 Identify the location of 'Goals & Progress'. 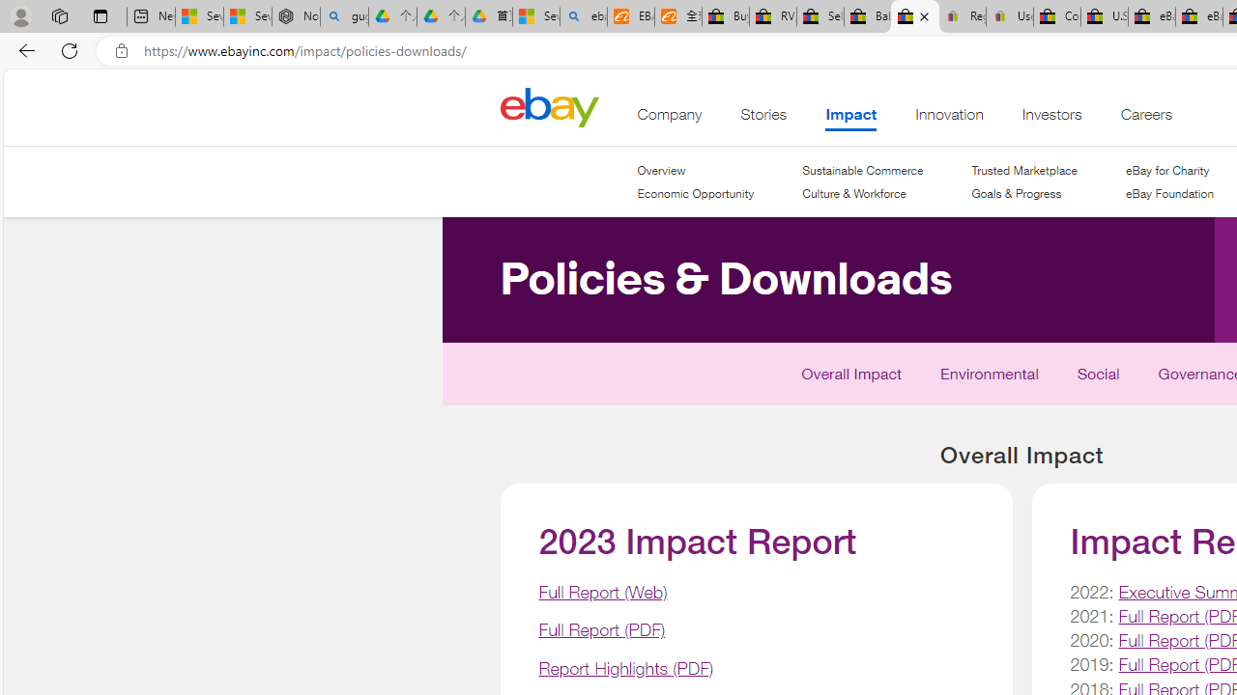
(1022, 194).